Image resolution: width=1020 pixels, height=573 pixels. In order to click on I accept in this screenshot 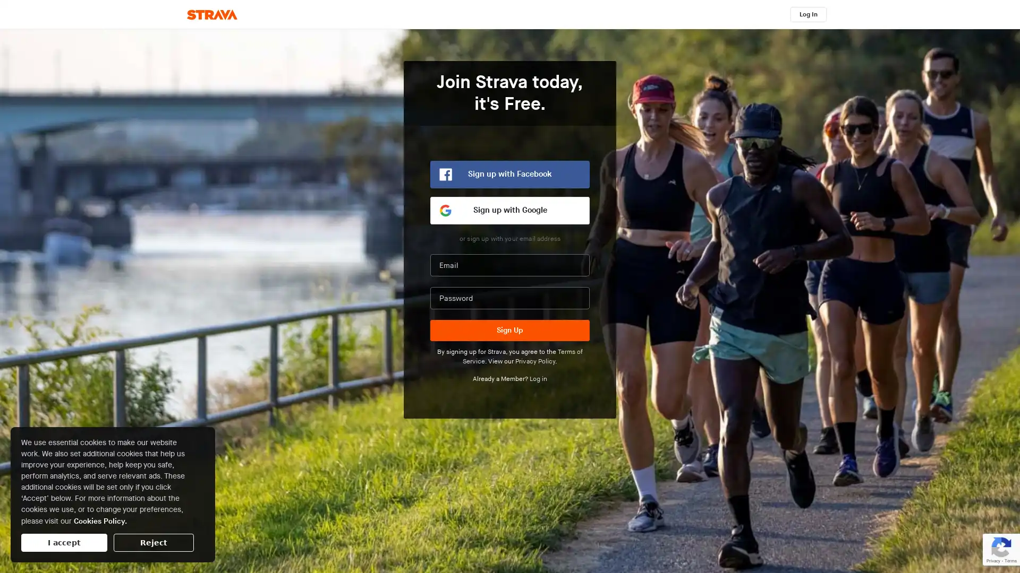, I will do `click(63, 542)`.